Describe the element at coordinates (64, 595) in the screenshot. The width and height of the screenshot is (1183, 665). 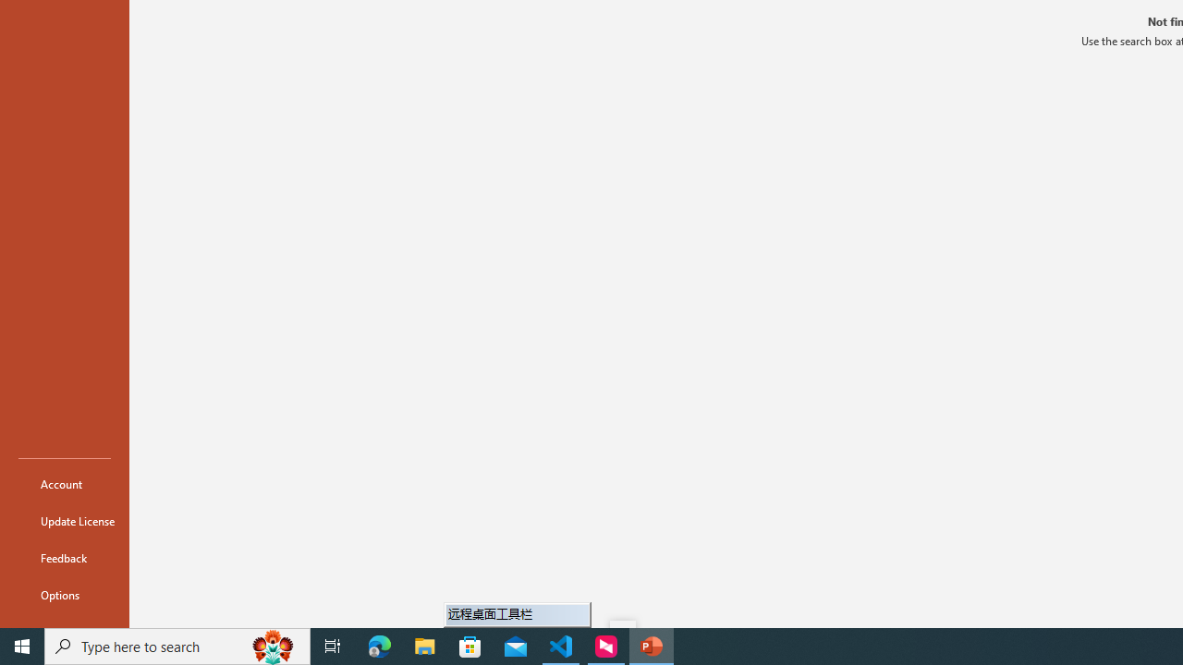
I see `'Options'` at that location.